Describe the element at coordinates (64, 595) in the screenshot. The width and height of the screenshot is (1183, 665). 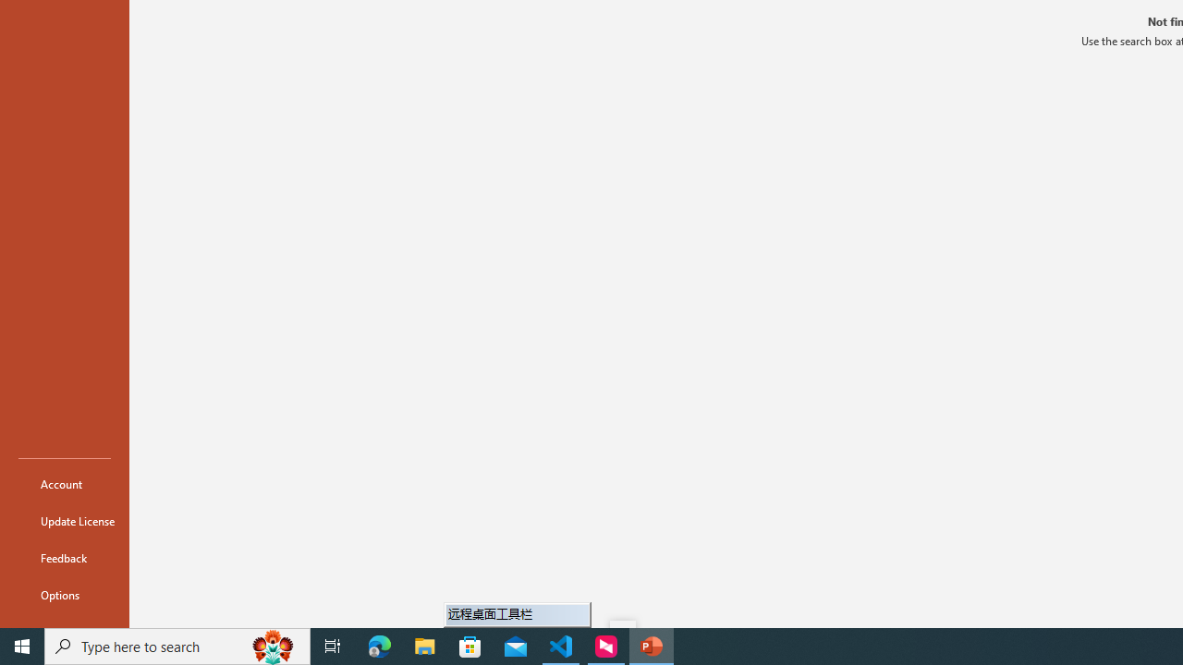
I see `'Options'` at that location.